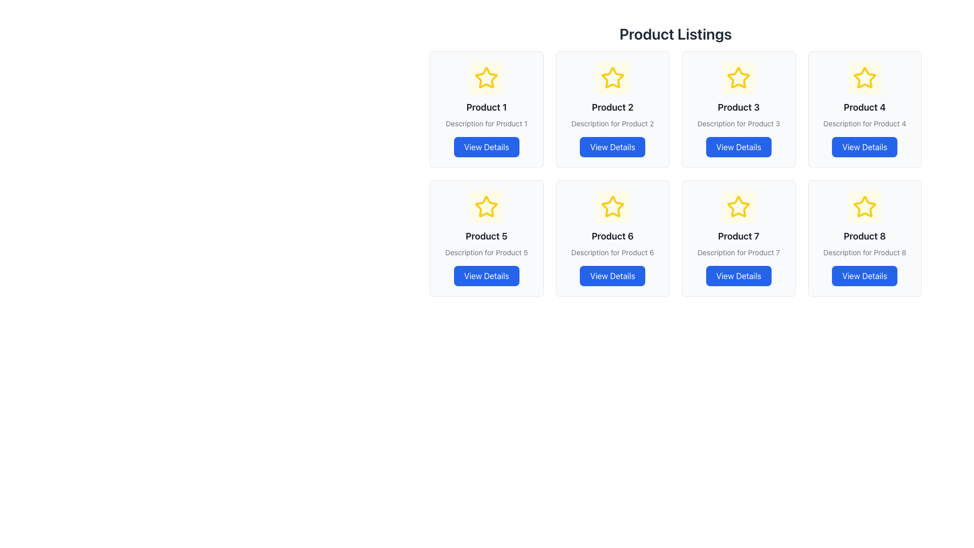 The image size is (974, 548). I want to click on the static text element displaying additional information about 'Product 2', which is located beneath the title and above the 'View Details' button in the product card, so click(612, 123).